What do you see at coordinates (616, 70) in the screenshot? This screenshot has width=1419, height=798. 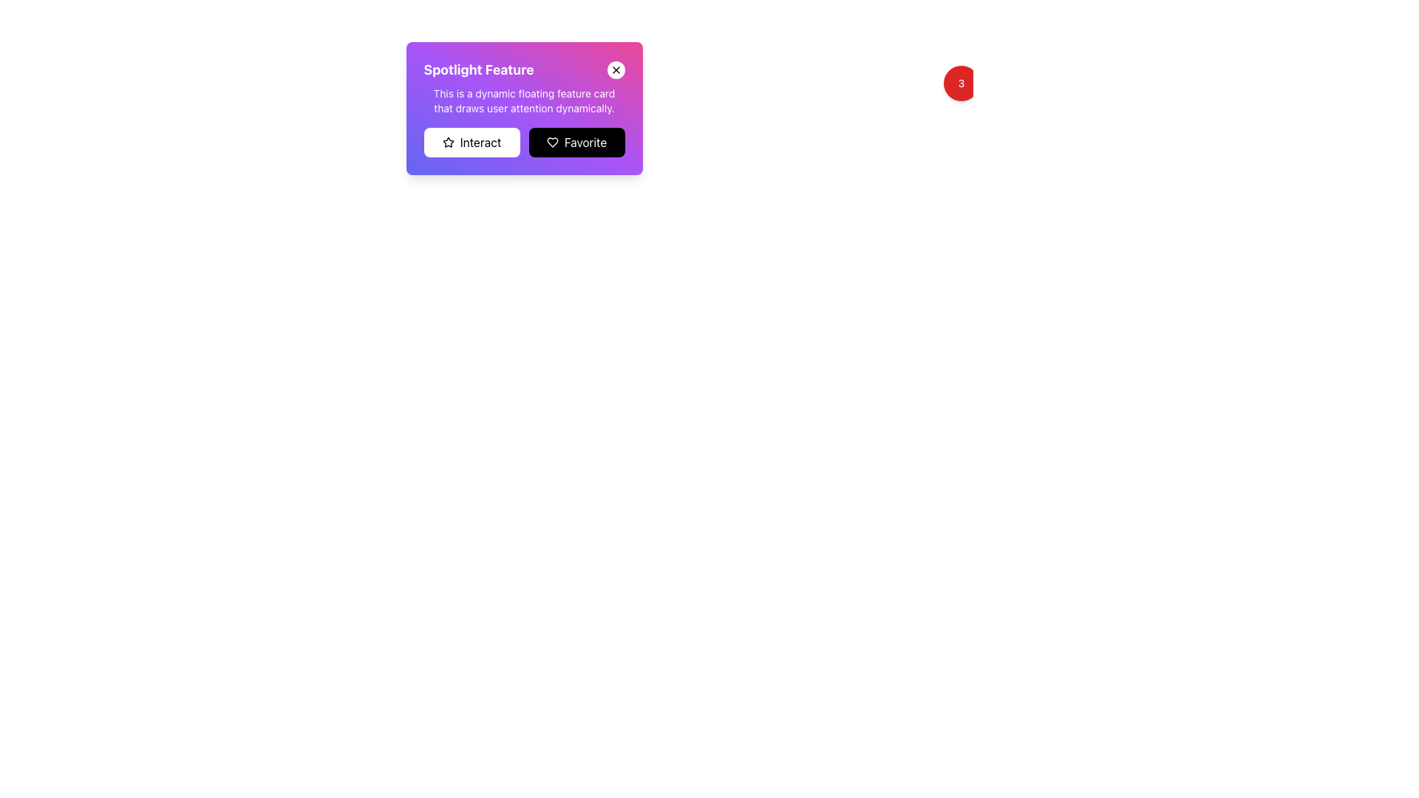 I see `the Close icon (an 'X' shape) located in the top-right corner of the card titled 'Spotlight Feature'` at bounding box center [616, 70].